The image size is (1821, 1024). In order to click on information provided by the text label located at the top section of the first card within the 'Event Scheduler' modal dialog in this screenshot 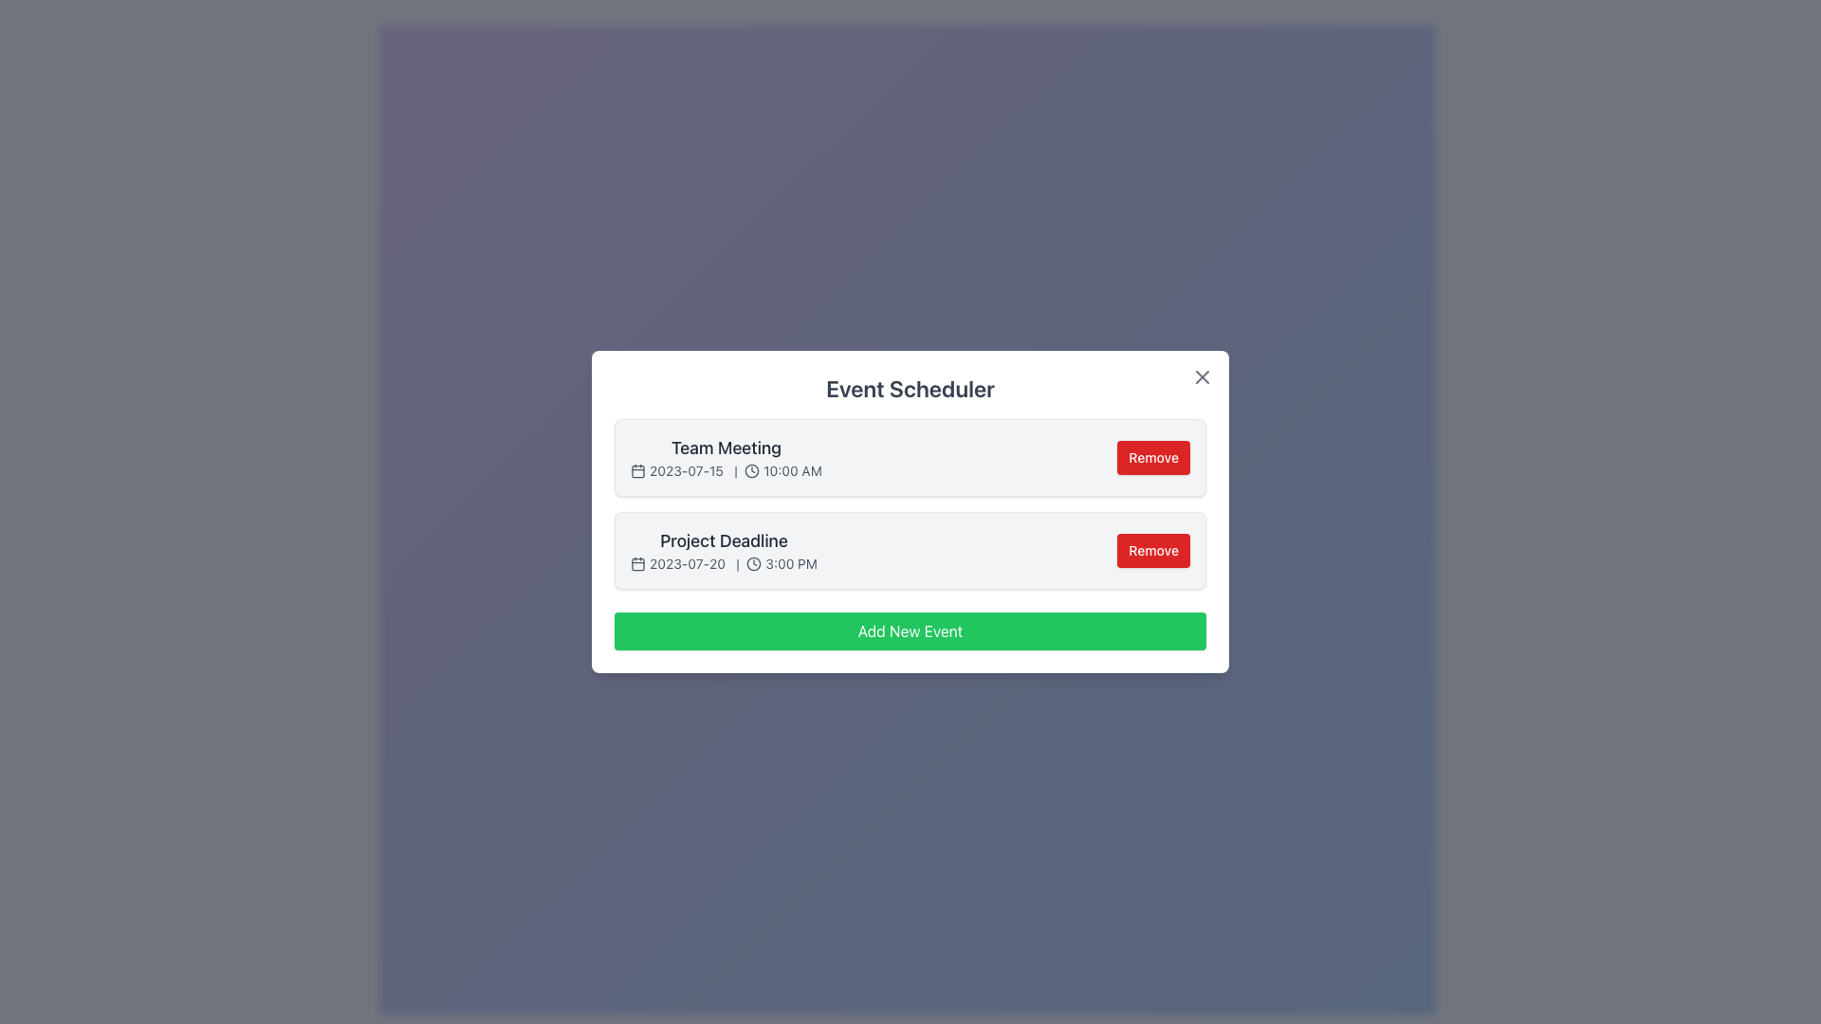, I will do `click(725, 457)`.